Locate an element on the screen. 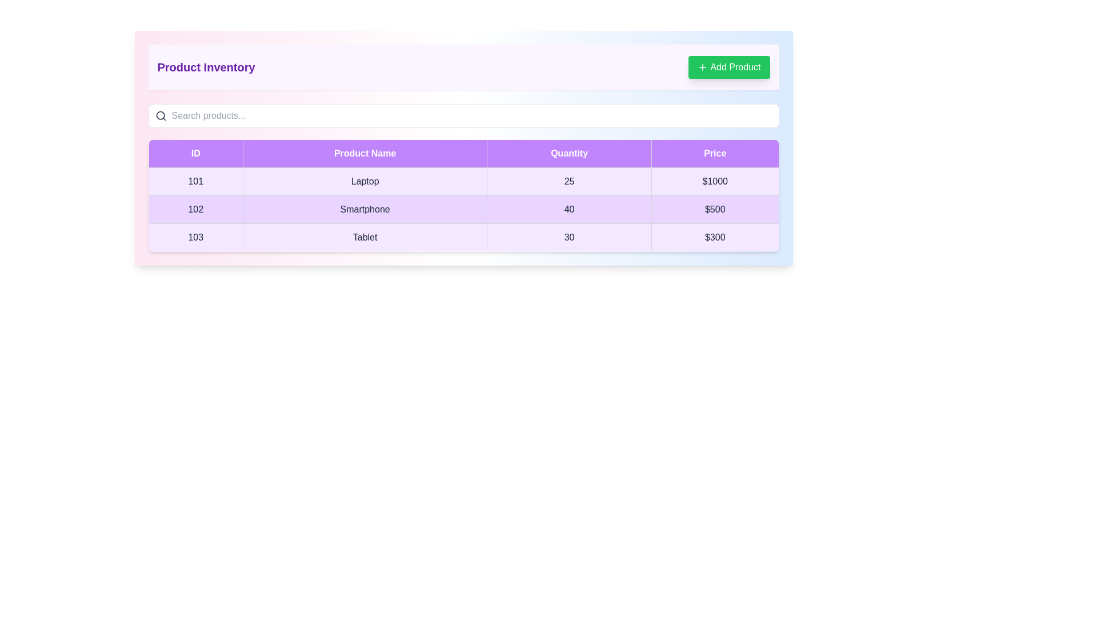 The width and height of the screenshot is (1097, 617). the third table row in the product inventory table containing the information '103', 'Tablet', '30', and '$300' is located at coordinates (463, 237).